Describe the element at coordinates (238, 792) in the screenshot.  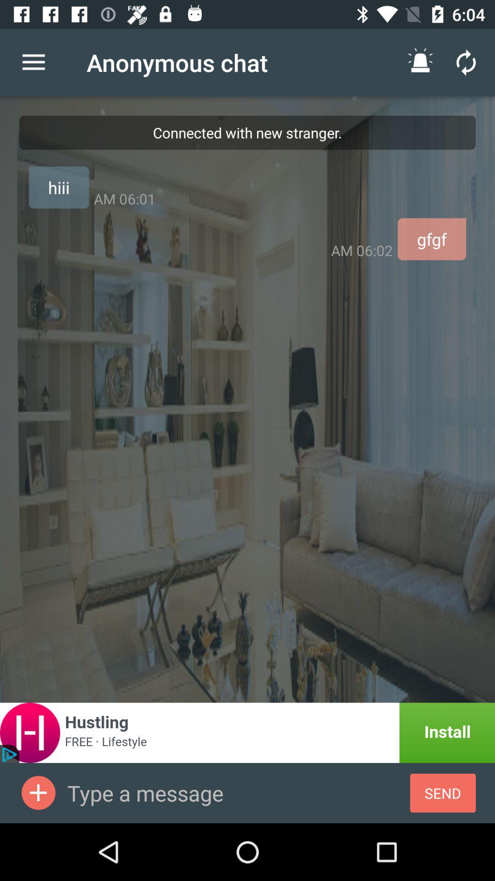
I see `type in a message` at that location.